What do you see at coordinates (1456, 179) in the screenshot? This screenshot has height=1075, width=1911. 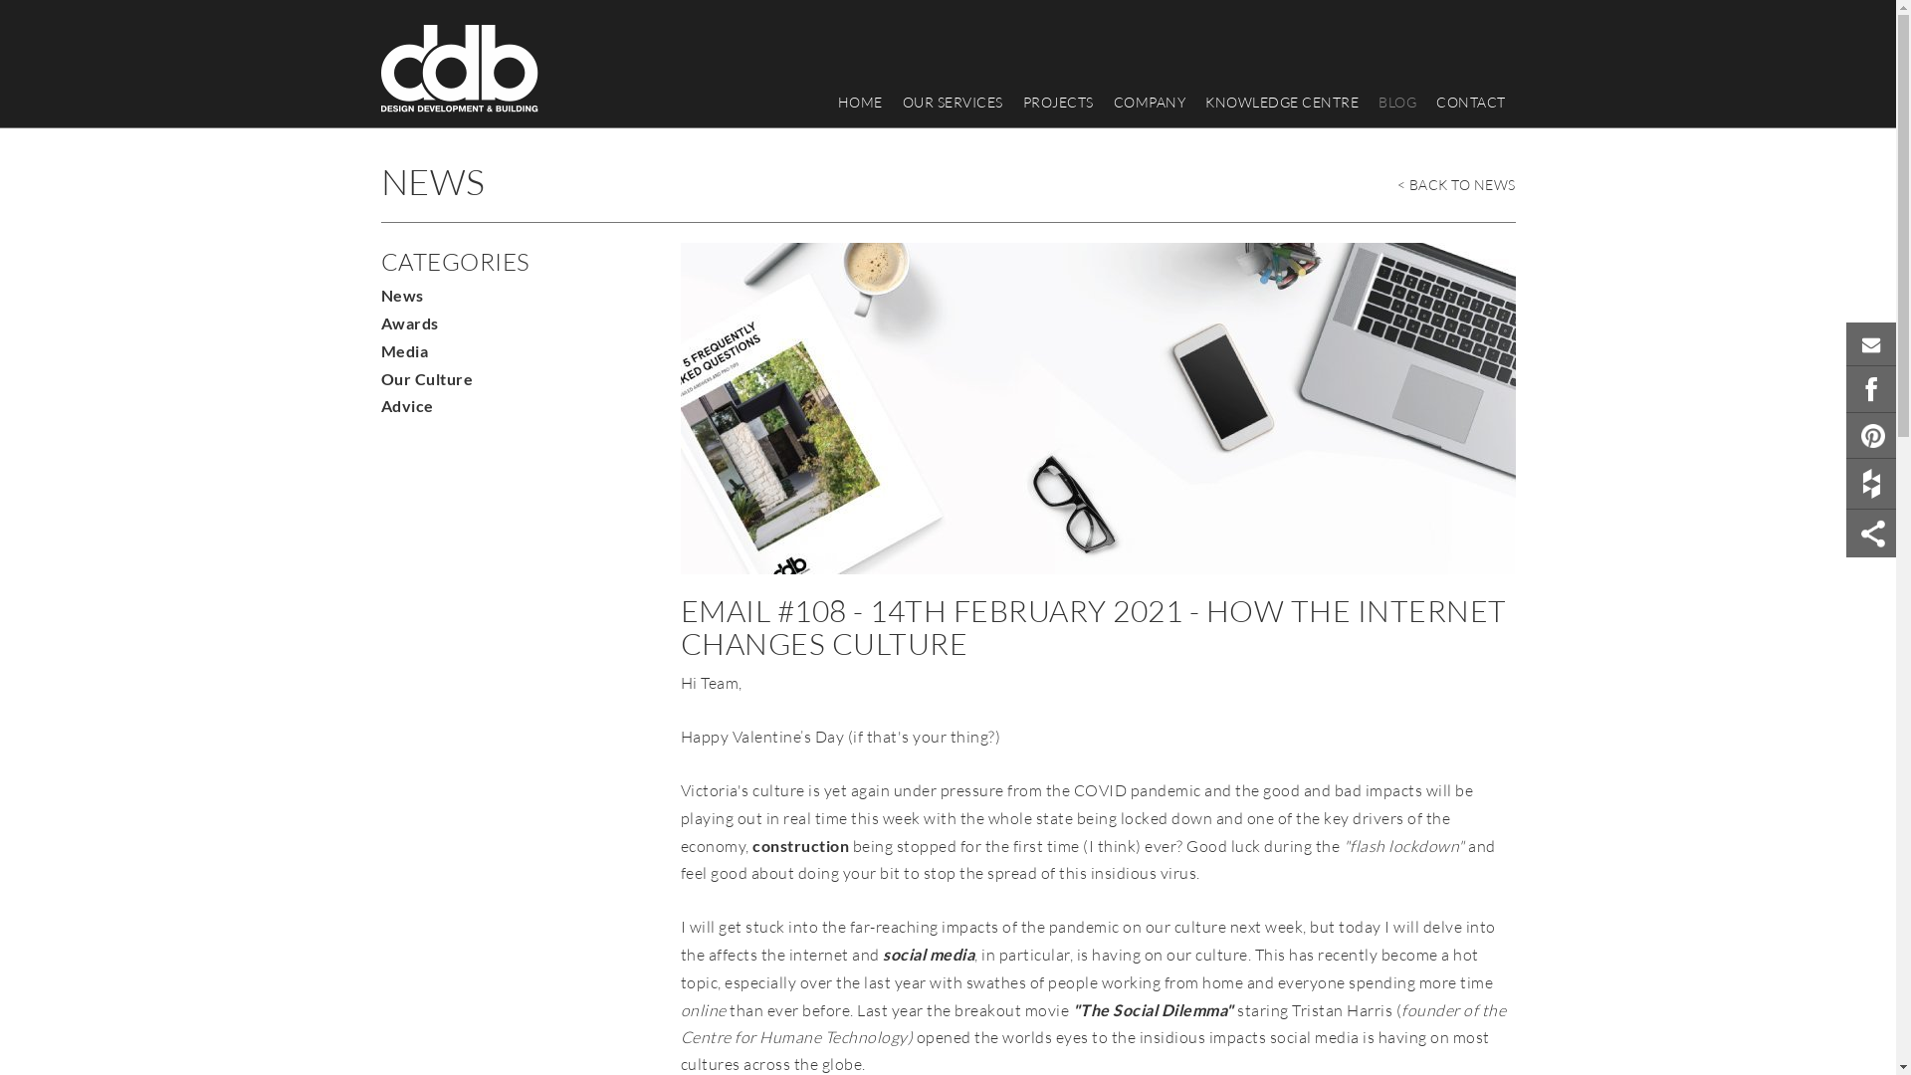 I see `'< BACK TO NEWS'` at bounding box center [1456, 179].